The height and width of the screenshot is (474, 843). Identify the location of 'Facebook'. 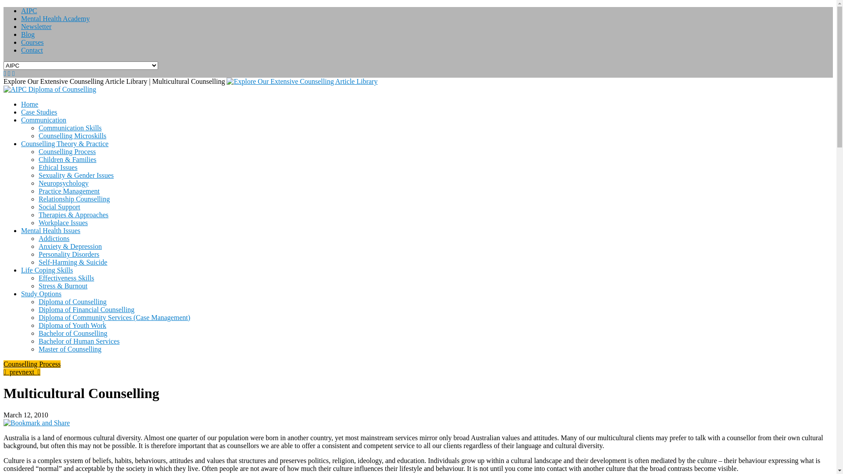
(13, 73).